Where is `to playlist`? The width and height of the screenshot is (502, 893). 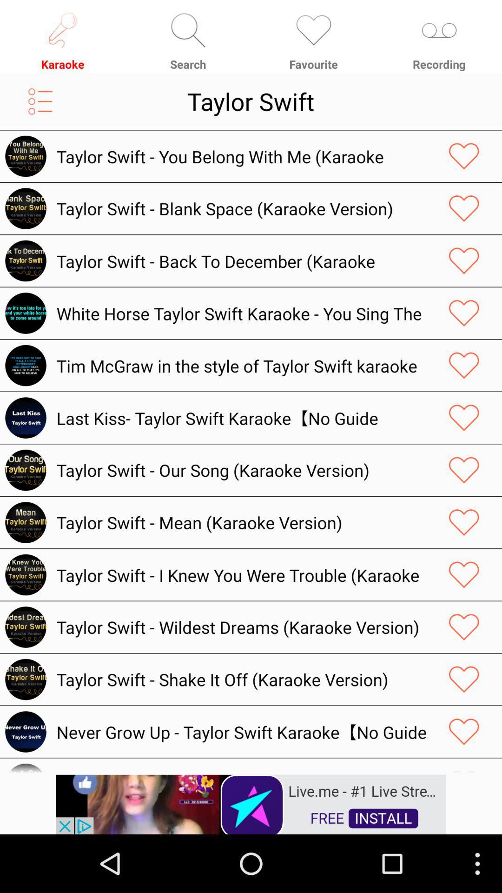
to playlist is located at coordinates (40, 101).